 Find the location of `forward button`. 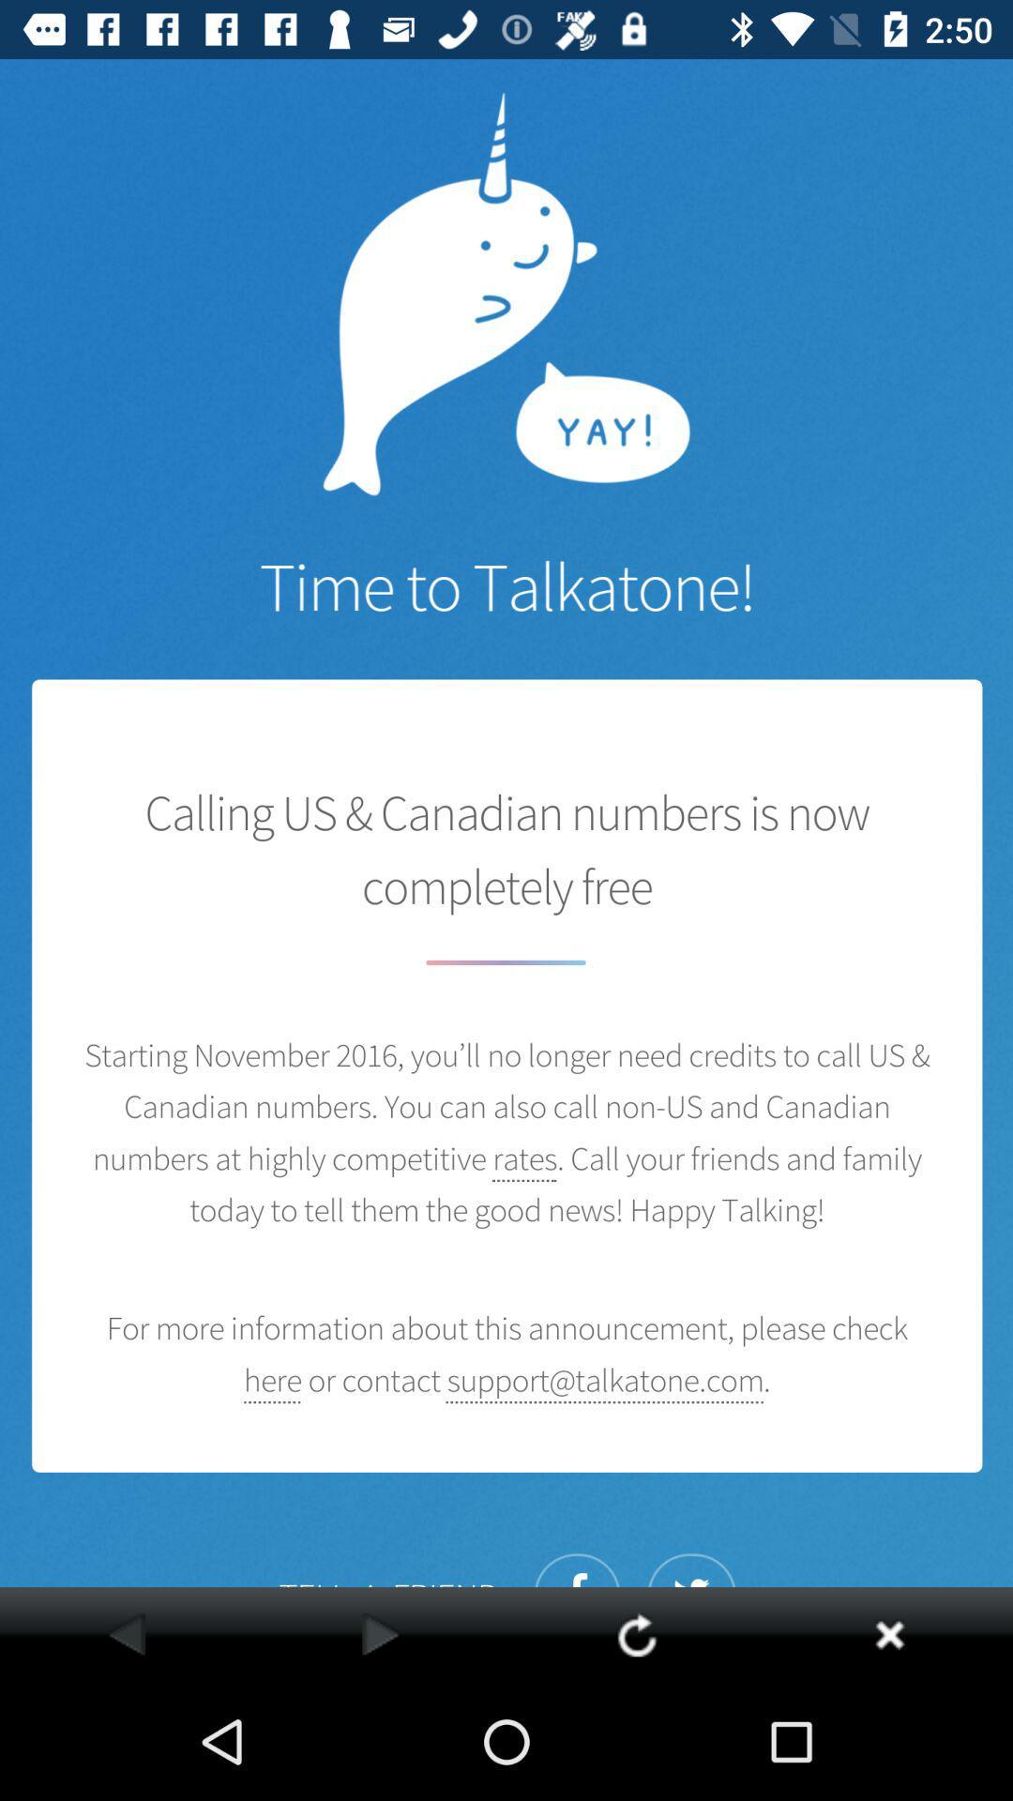

forward button is located at coordinates (380, 1633).